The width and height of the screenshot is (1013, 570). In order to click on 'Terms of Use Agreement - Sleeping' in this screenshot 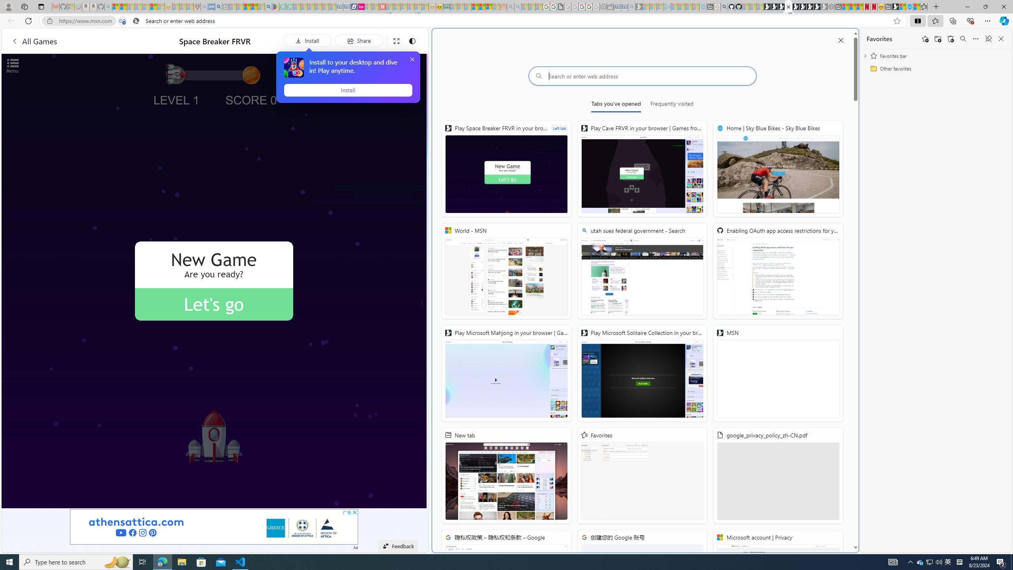, I will do `click(282, 6)`.